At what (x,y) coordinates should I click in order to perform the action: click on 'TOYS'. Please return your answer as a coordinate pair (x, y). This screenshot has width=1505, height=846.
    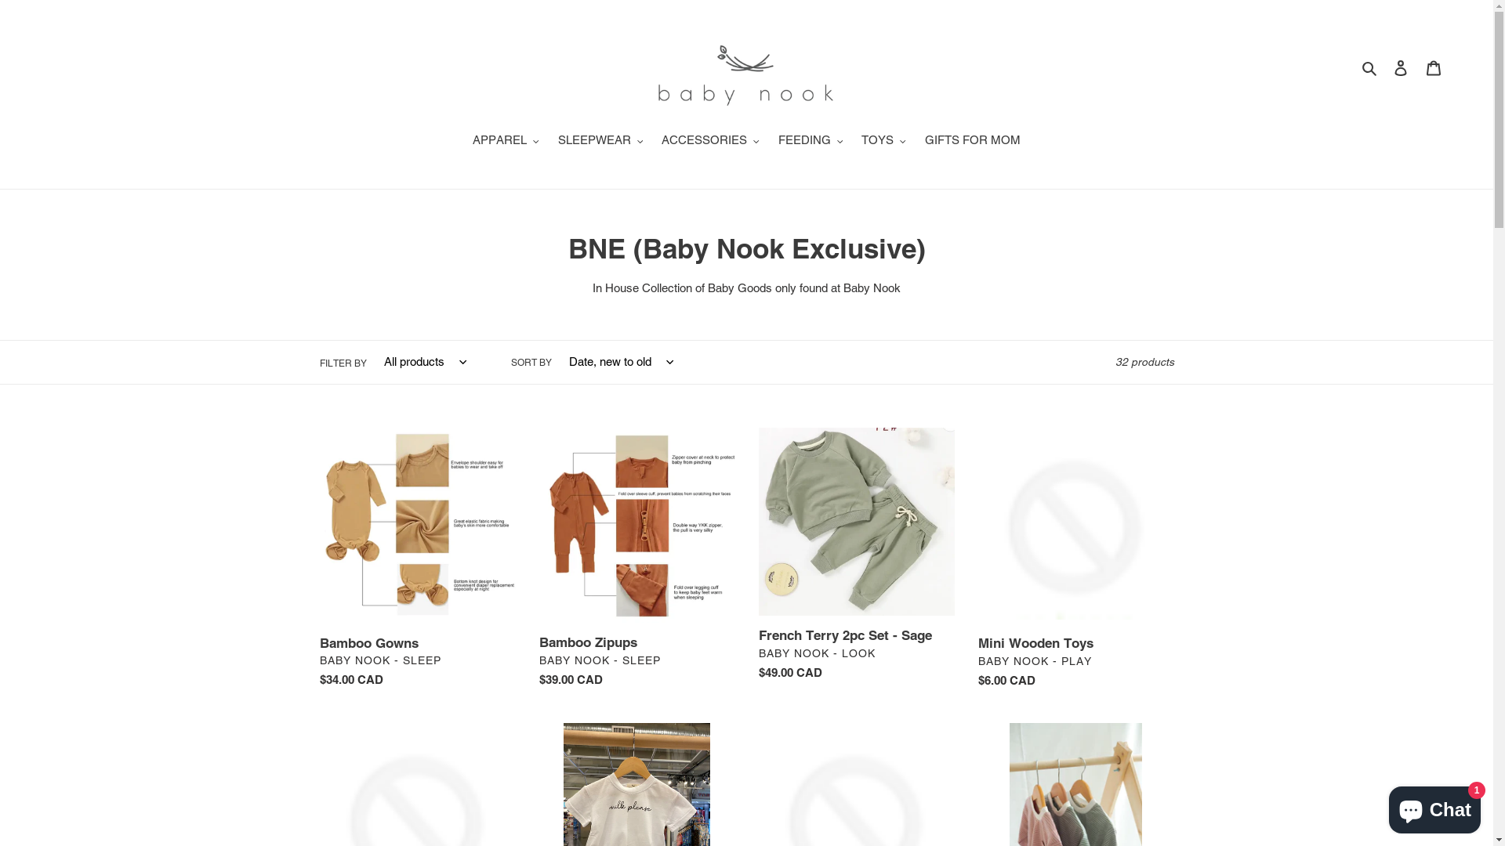
    Looking at the image, I should click on (883, 142).